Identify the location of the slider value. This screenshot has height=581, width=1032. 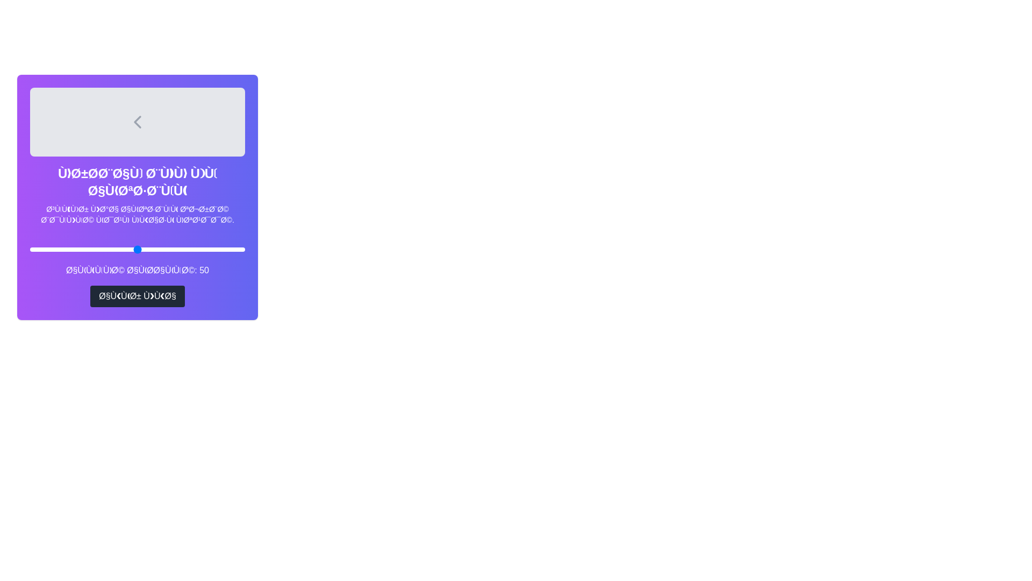
(185, 249).